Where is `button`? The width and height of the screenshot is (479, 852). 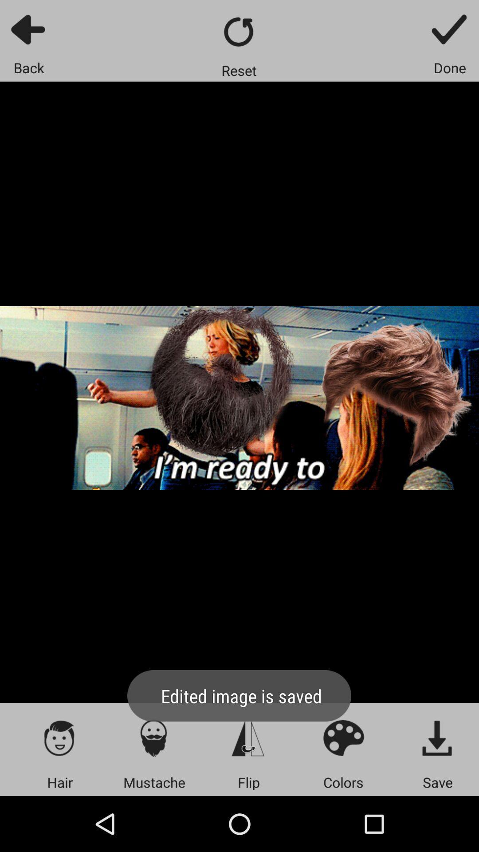 button is located at coordinates (437, 738).